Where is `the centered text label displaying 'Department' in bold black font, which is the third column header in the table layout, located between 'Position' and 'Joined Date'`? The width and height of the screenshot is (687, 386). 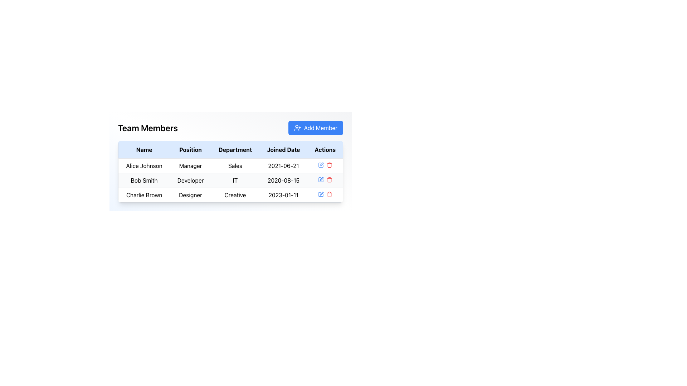 the centered text label displaying 'Department' in bold black font, which is the third column header in the table layout, located between 'Position' and 'Joined Date' is located at coordinates (235, 149).